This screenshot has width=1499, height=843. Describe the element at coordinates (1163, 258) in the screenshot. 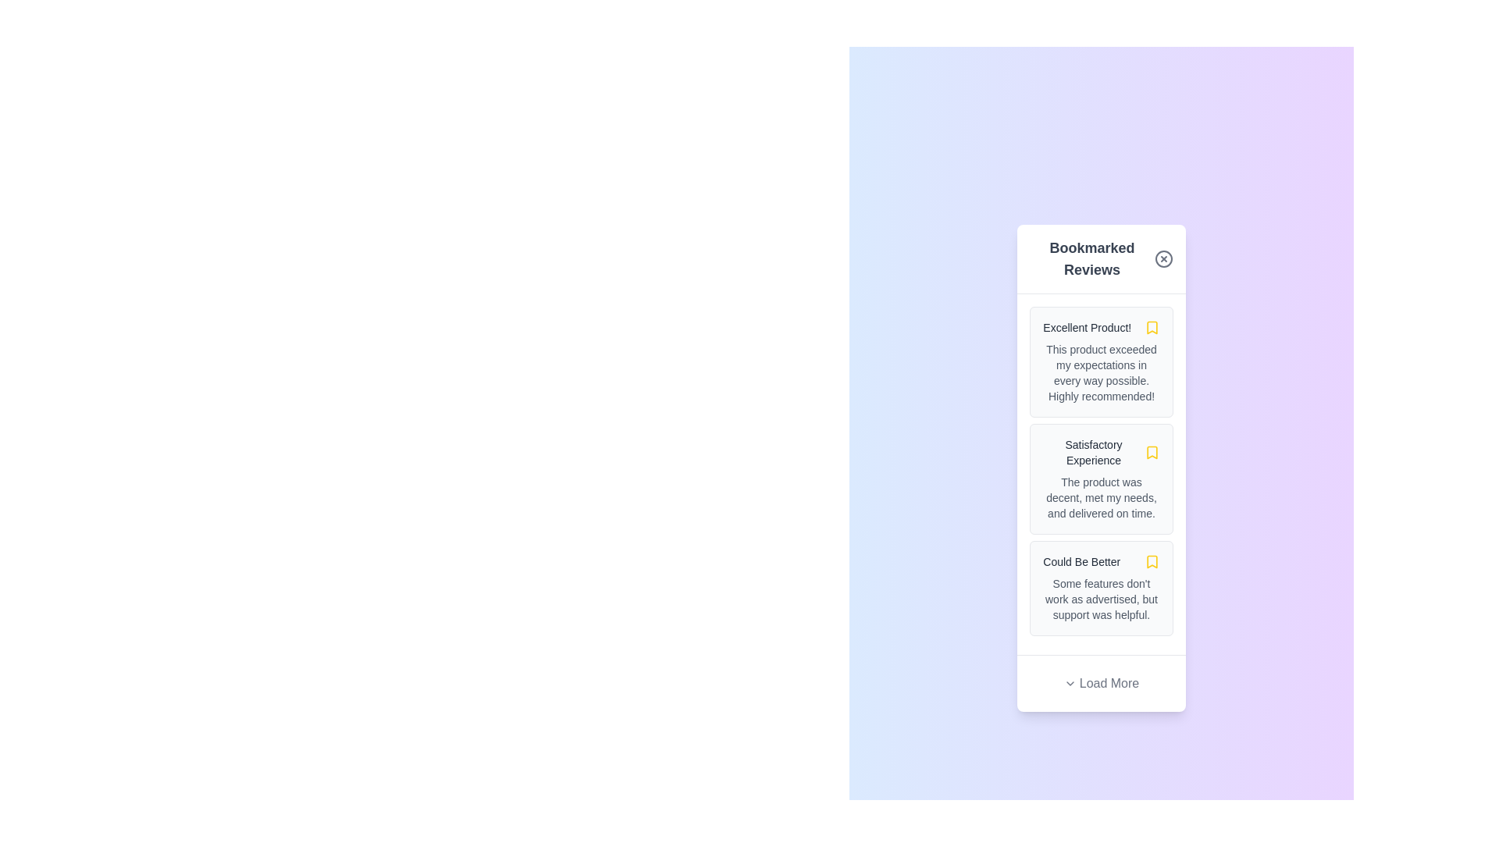

I see `the close button to hide the dialog` at that location.